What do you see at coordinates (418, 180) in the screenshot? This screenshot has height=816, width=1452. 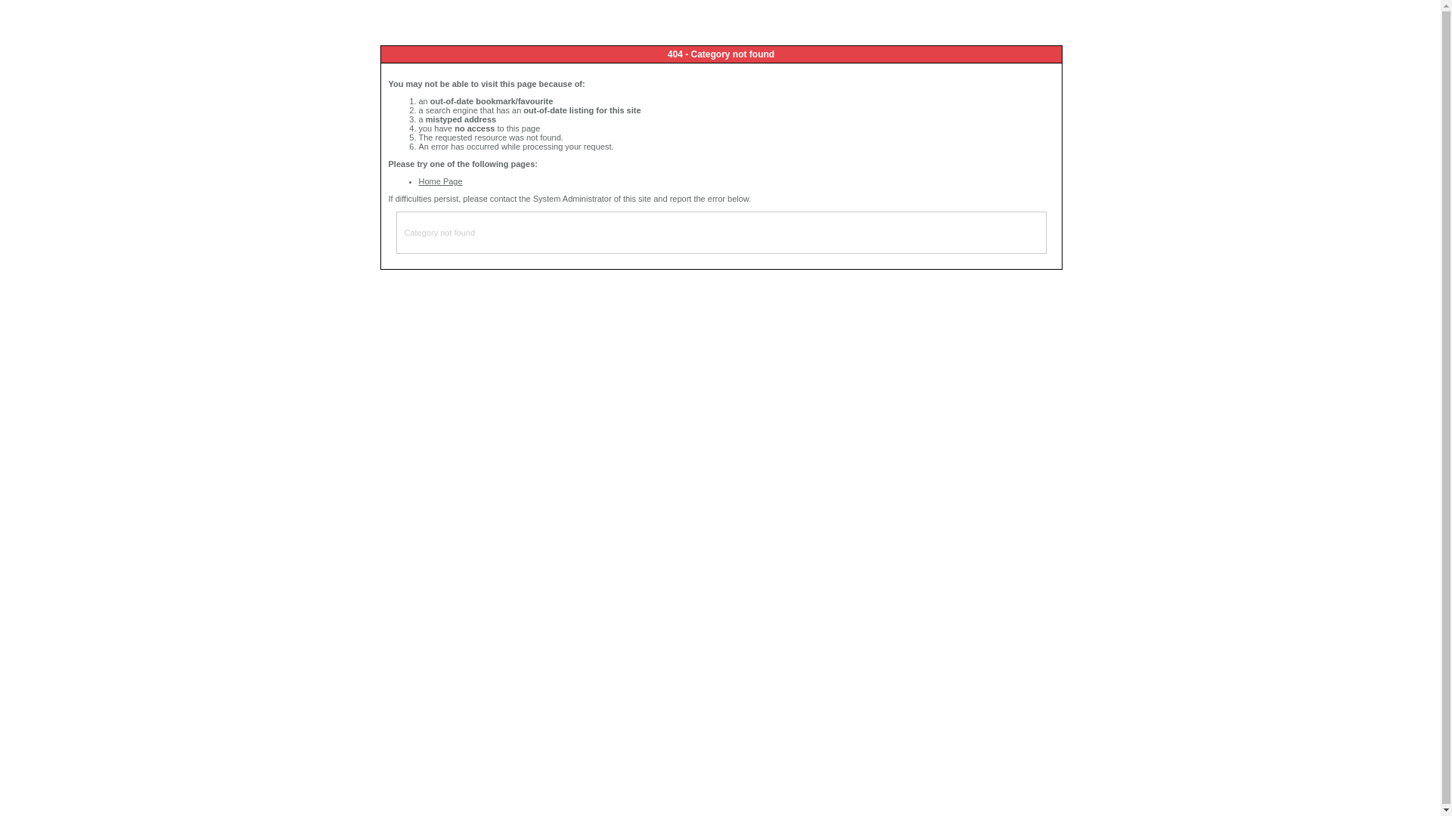 I see `'Home Page'` at bounding box center [418, 180].